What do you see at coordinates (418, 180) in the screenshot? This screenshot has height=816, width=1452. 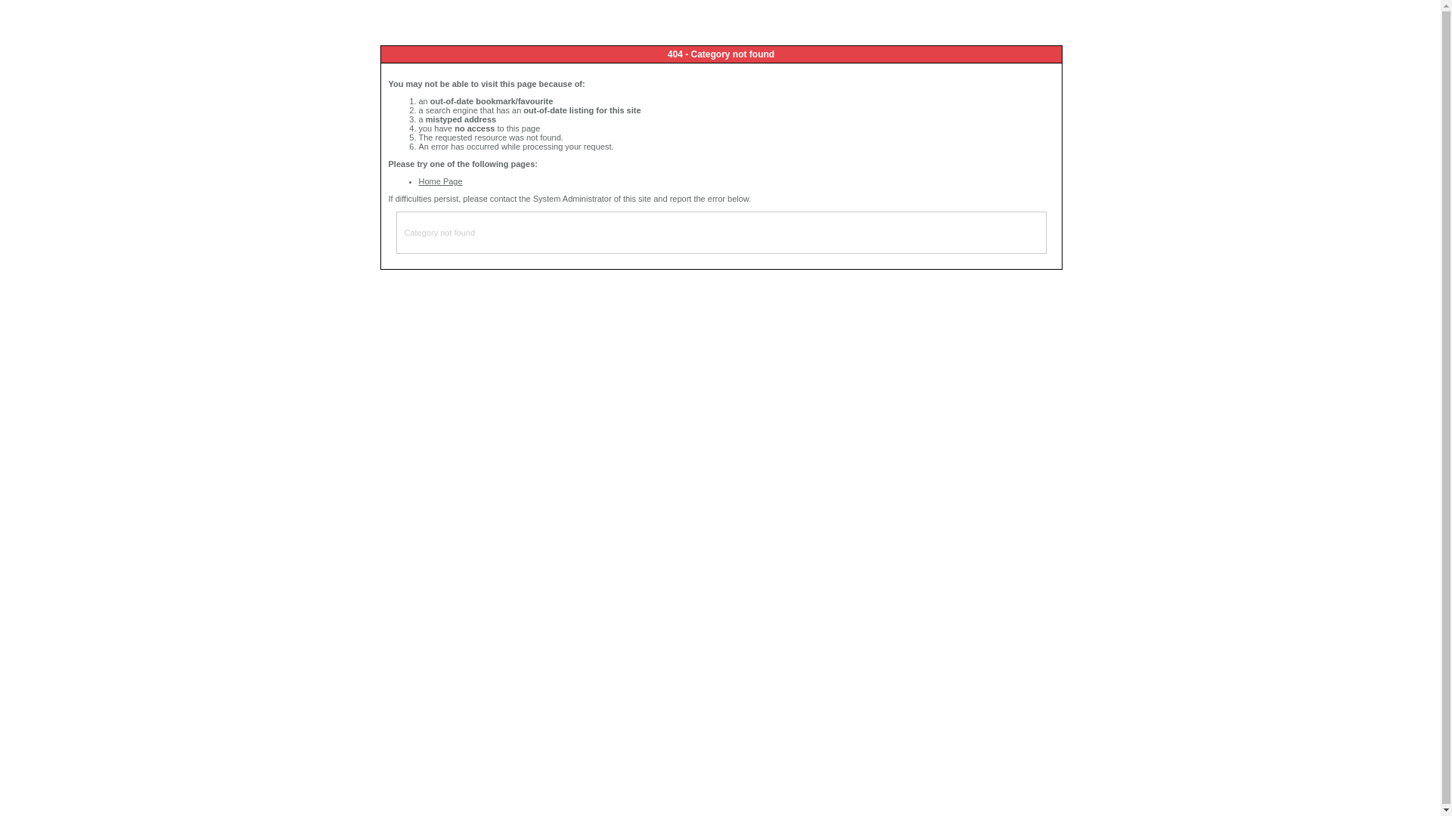 I see `'Home Page'` at bounding box center [418, 180].